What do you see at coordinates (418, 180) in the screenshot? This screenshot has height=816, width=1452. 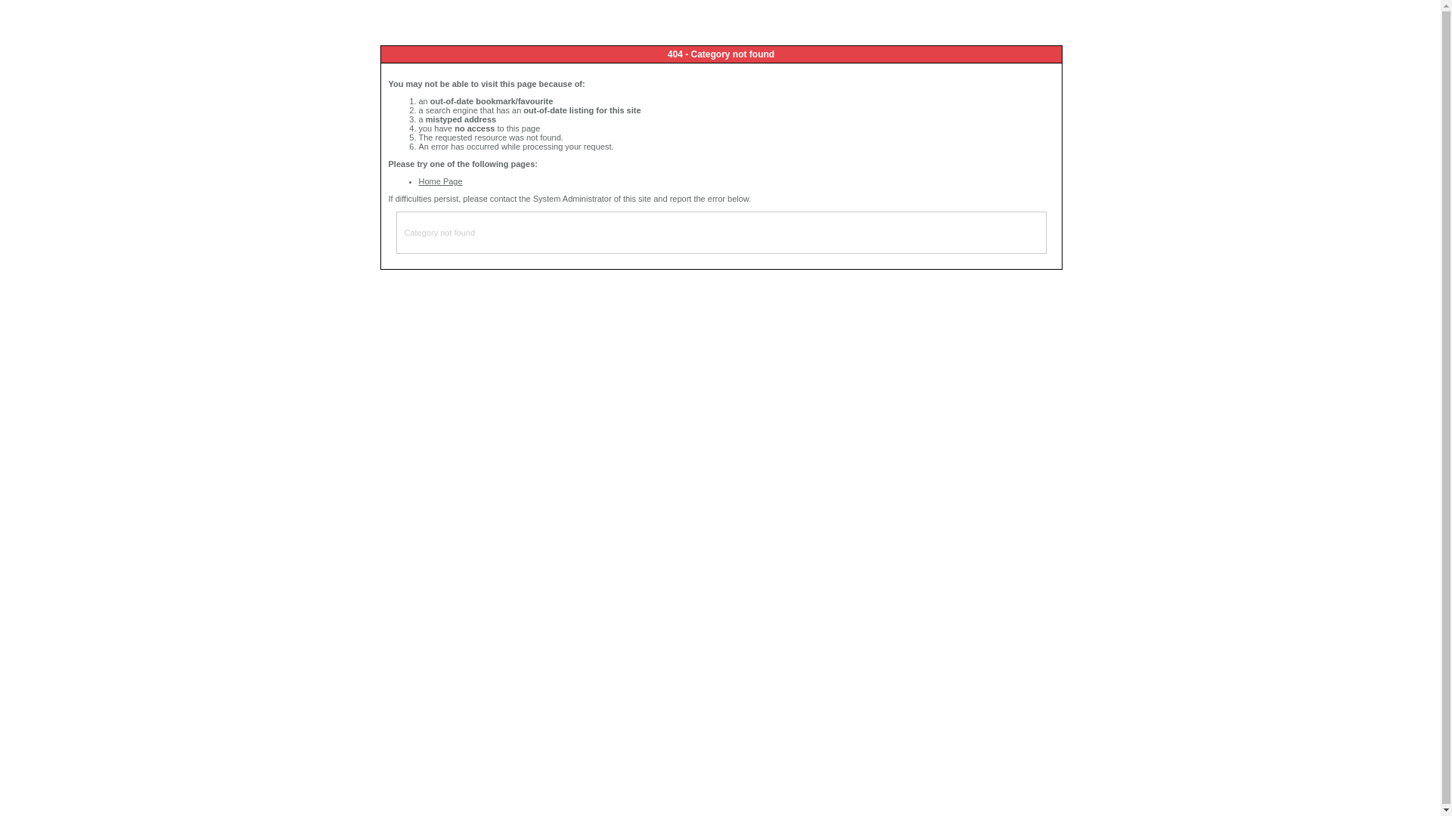 I see `'Home Page'` at bounding box center [418, 180].